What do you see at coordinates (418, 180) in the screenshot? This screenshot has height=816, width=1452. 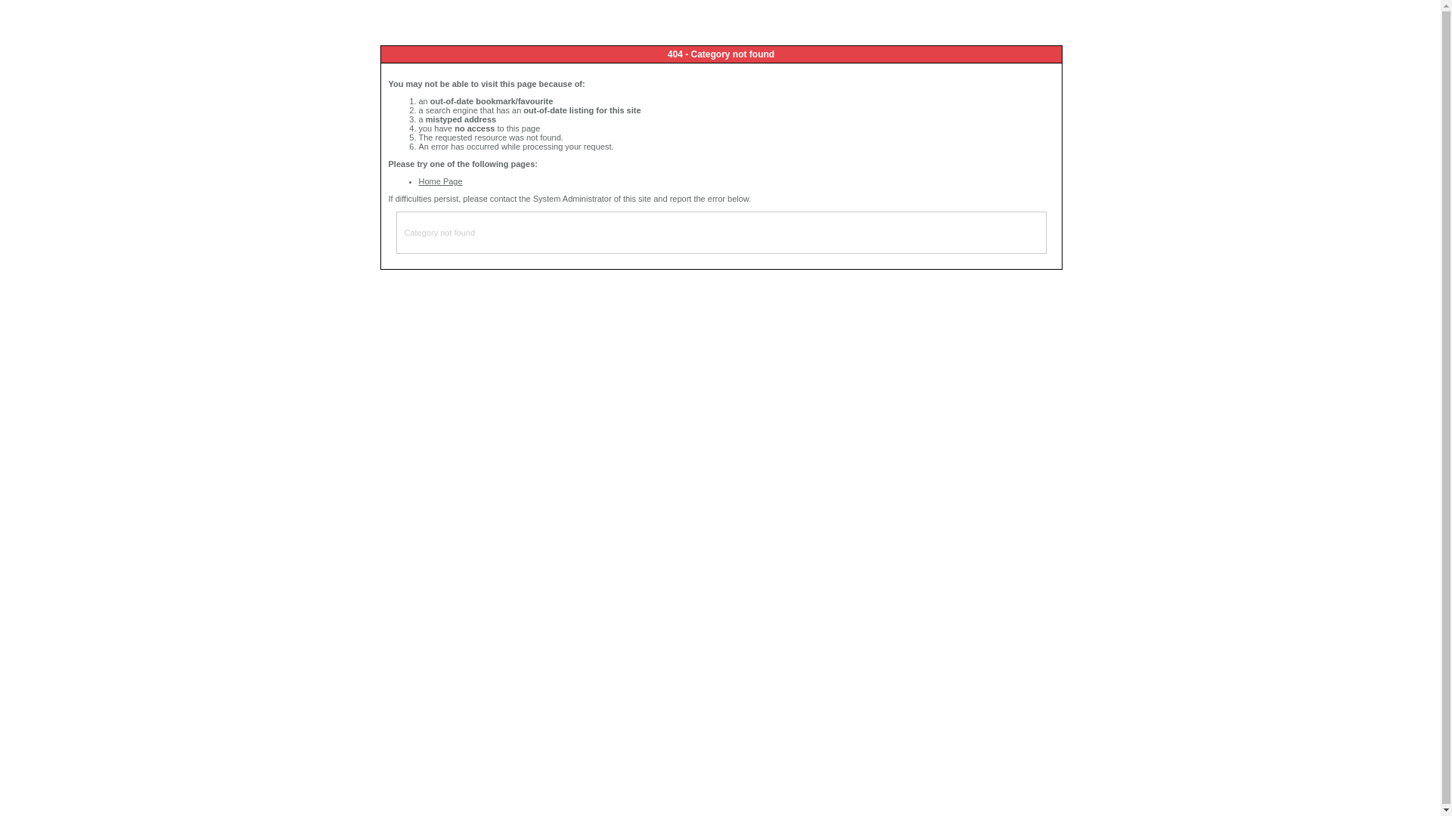 I see `'Home Page'` at bounding box center [418, 180].